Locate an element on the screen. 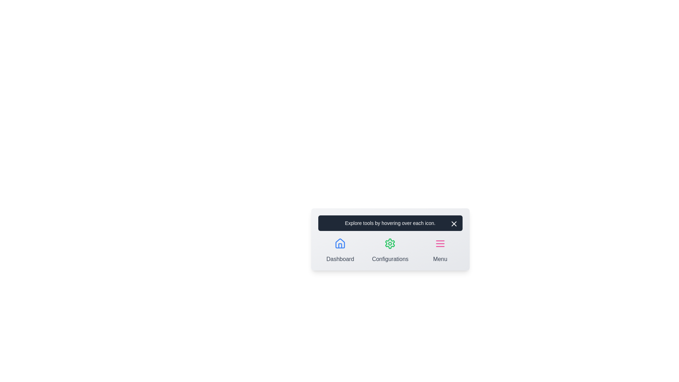 This screenshot has width=679, height=382. the 'Configurations' icon in the horizontal navigation menu, which is represented by a green gear labeled 'Configurations.' is located at coordinates (390, 249).